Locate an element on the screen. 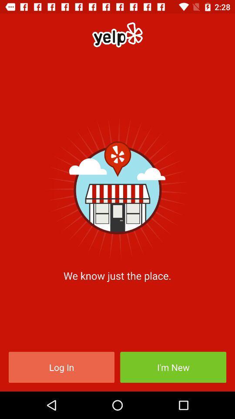 The height and width of the screenshot is (419, 235). the i'm new item is located at coordinates (173, 367).